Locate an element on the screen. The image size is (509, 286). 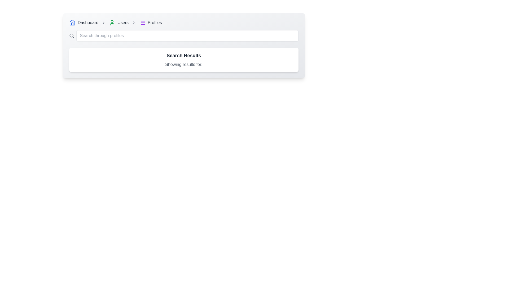
the search icon, which is positioned to the left of the search bar and serves as a visual cue for initiating a search is located at coordinates (71, 36).